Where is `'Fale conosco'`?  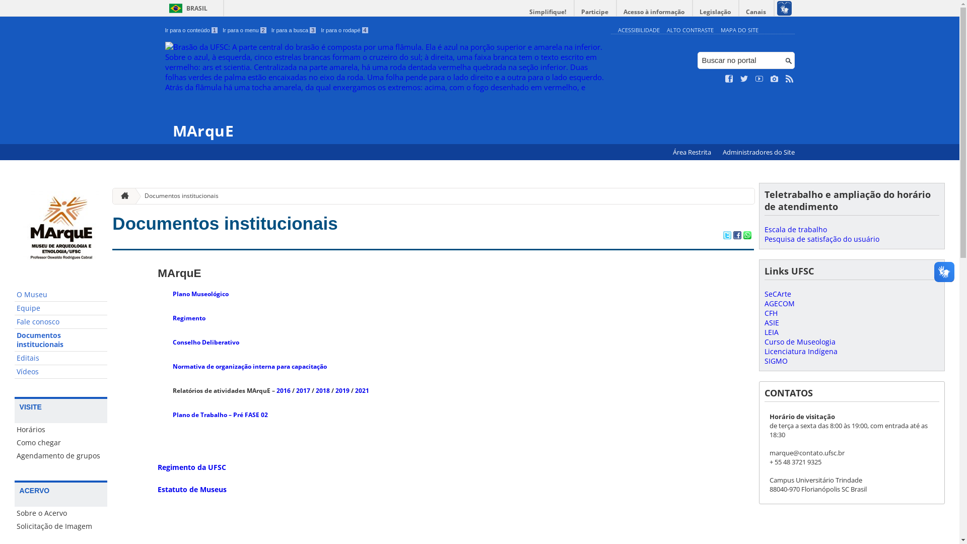
'Fale conosco' is located at coordinates (60, 322).